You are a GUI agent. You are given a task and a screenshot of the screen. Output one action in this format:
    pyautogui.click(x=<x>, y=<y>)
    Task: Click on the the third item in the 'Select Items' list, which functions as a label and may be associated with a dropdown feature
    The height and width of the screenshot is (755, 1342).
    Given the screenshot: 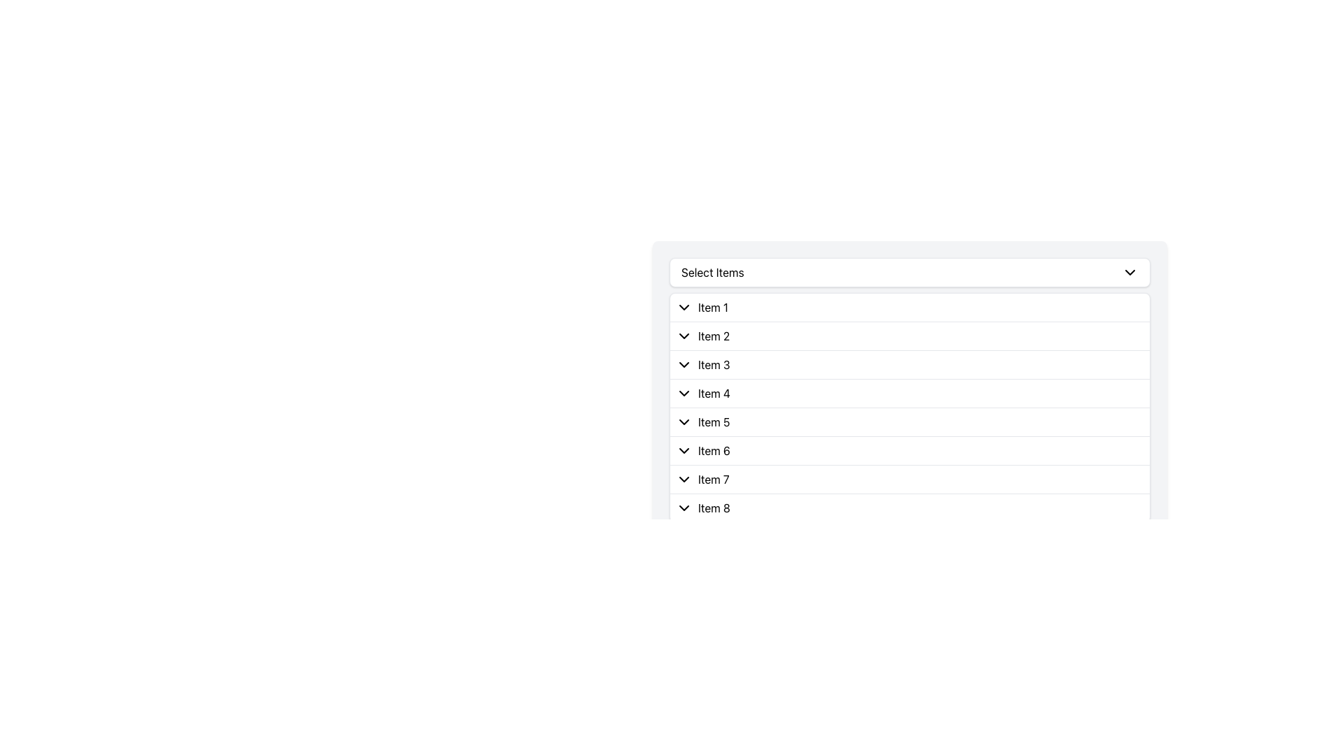 What is the action you would take?
    pyautogui.click(x=714, y=364)
    